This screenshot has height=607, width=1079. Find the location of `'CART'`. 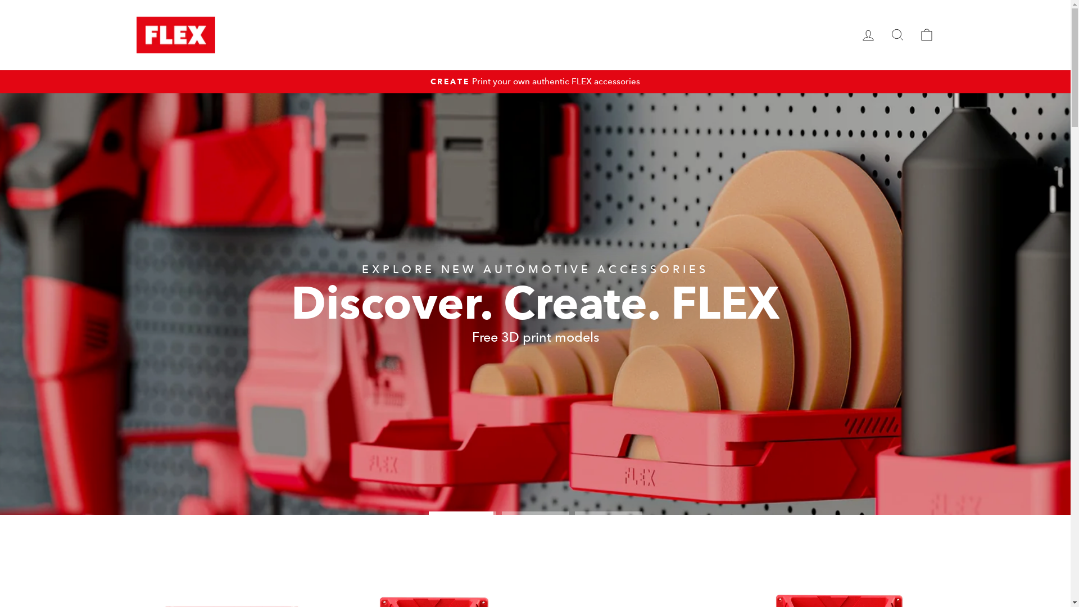

'CART' is located at coordinates (926, 34).